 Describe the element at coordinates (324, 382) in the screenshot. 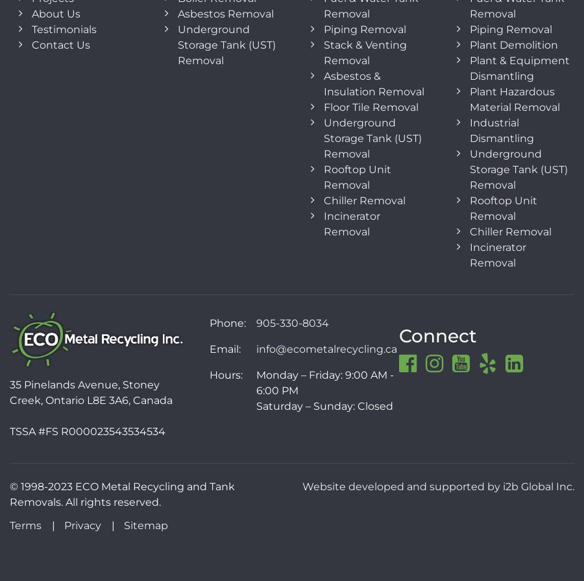

I see `'Monday  – Friday: 9:00 AM - 6:00 PM'` at that location.